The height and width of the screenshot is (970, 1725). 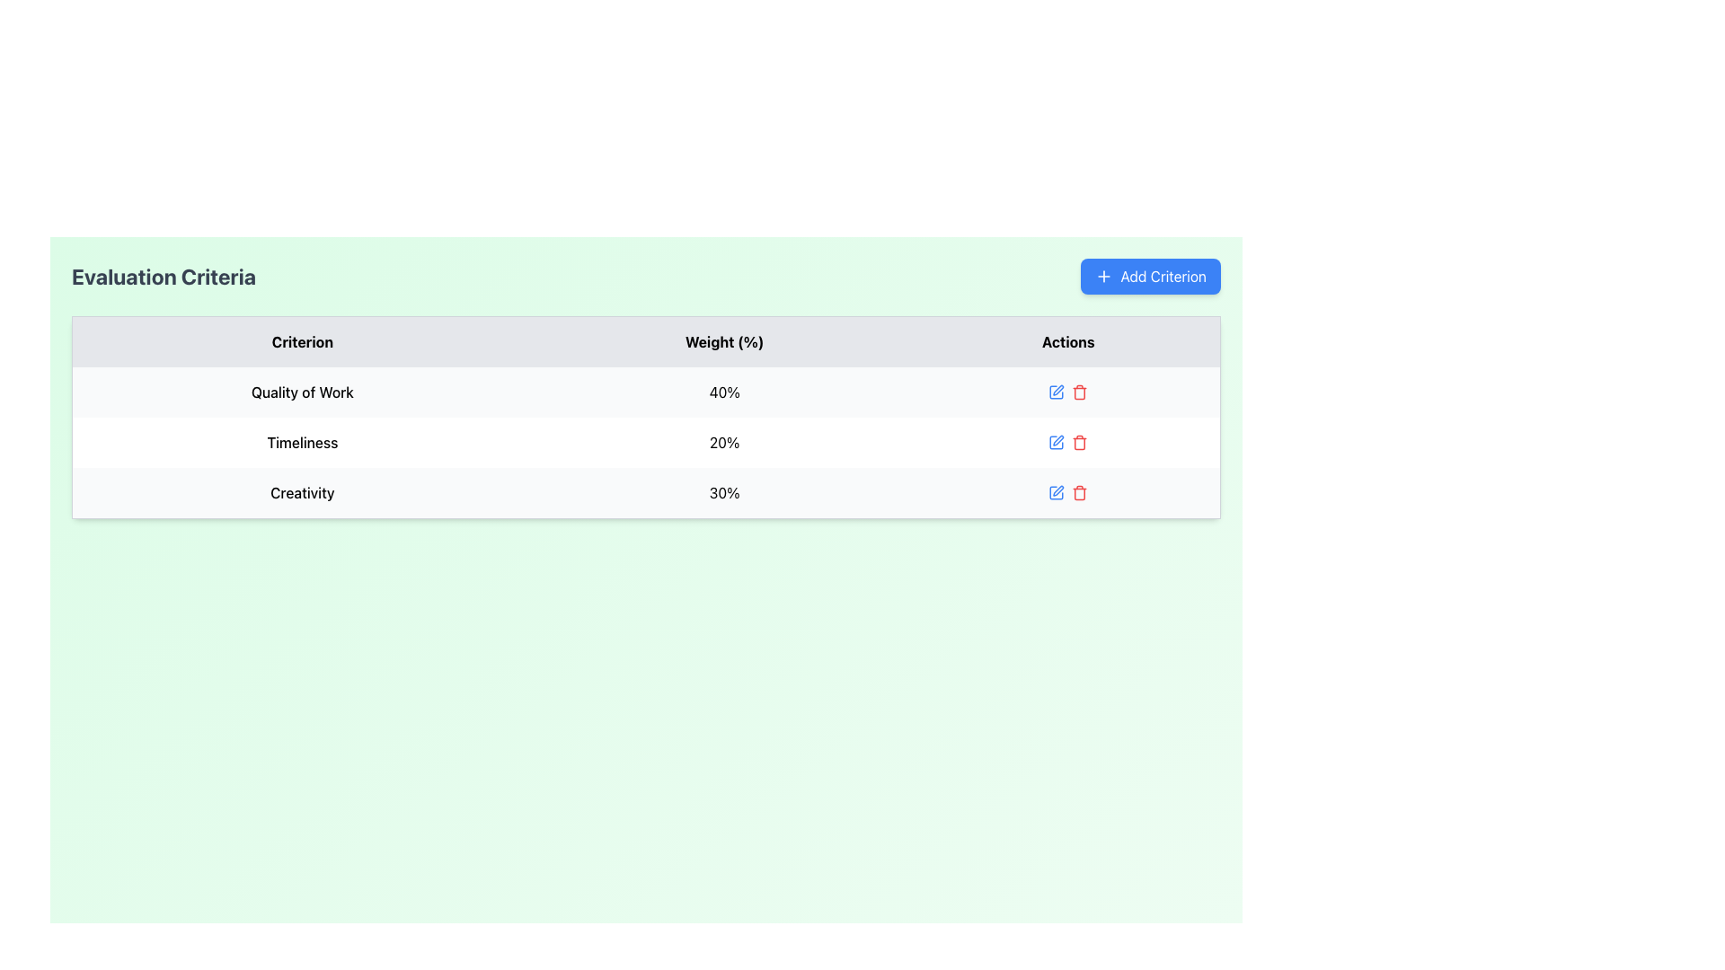 What do you see at coordinates (1058, 389) in the screenshot?
I see `the pen icon button in the Actions column associated with 'Quality of Work'` at bounding box center [1058, 389].